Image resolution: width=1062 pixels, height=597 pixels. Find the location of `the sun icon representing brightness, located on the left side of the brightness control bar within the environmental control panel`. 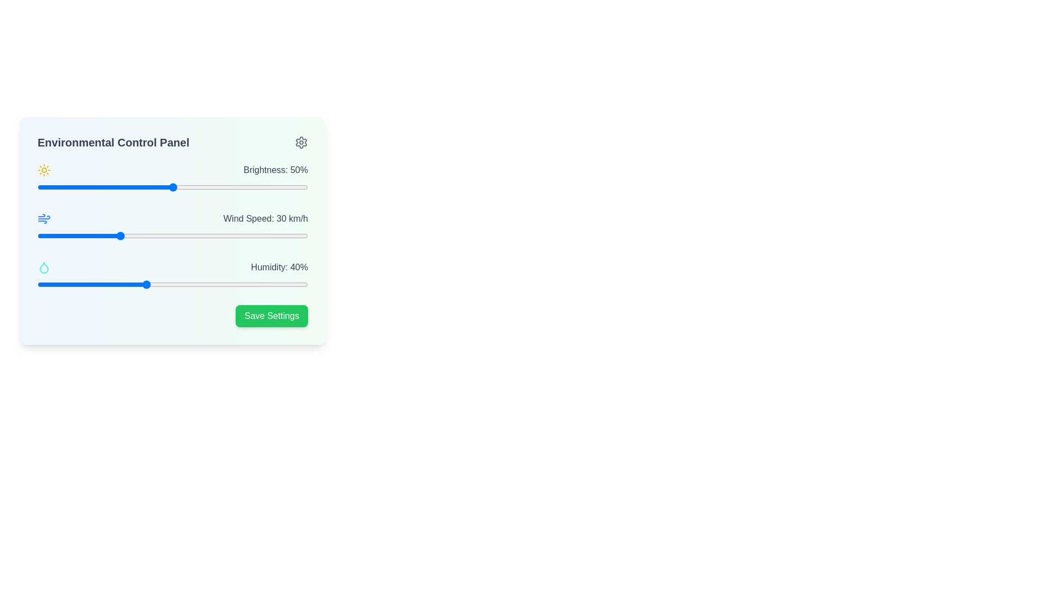

the sun icon representing brightness, located on the left side of the brightness control bar within the environmental control panel is located at coordinates (44, 170).